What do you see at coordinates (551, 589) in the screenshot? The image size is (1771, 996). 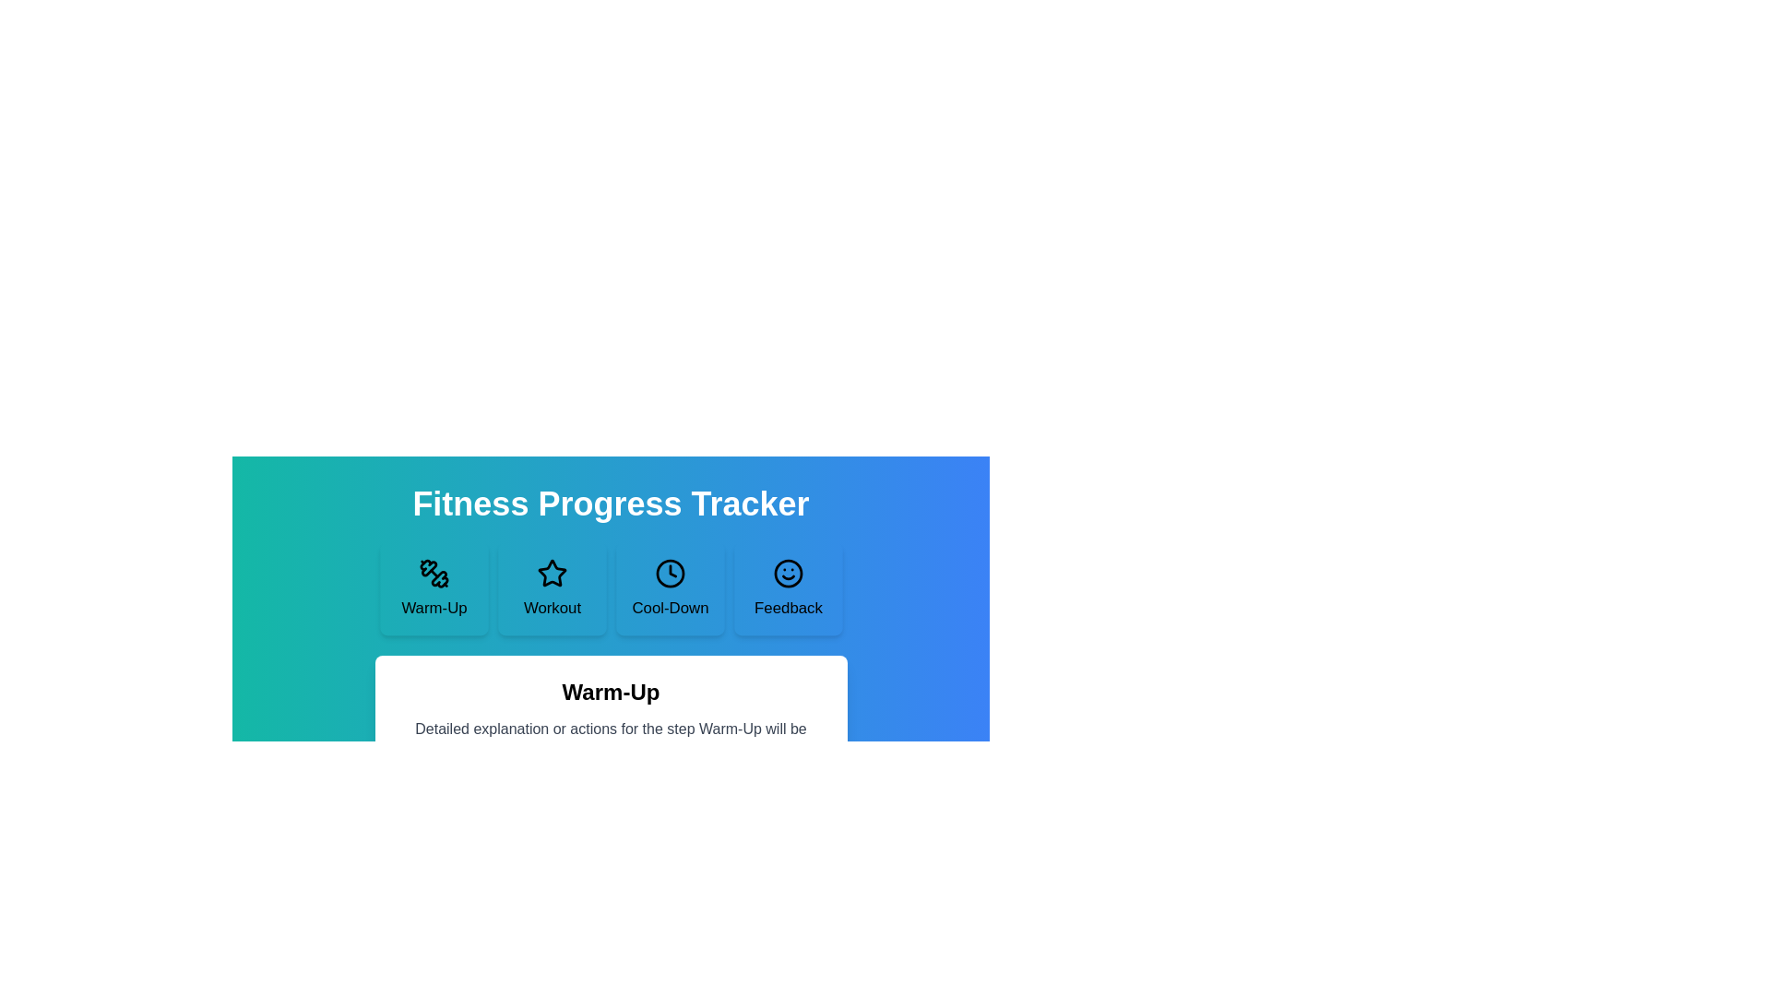 I see `the step Workout in the FitnessProgressStepper component` at bounding box center [551, 589].